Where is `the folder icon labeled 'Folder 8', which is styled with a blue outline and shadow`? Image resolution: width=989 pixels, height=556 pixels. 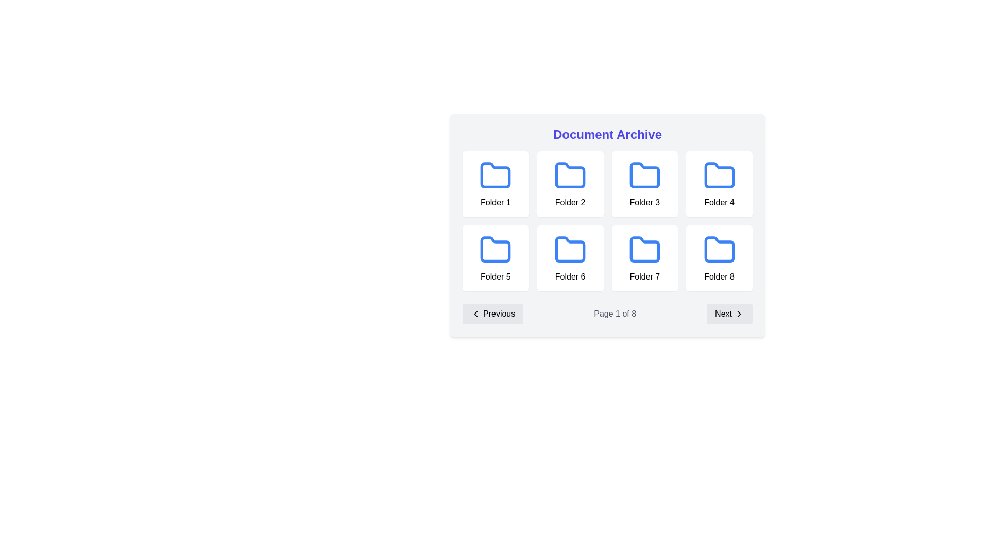
the folder icon labeled 'Folder 8', which is styled with a blue outline and shadow is located at coordinates (719, 257).